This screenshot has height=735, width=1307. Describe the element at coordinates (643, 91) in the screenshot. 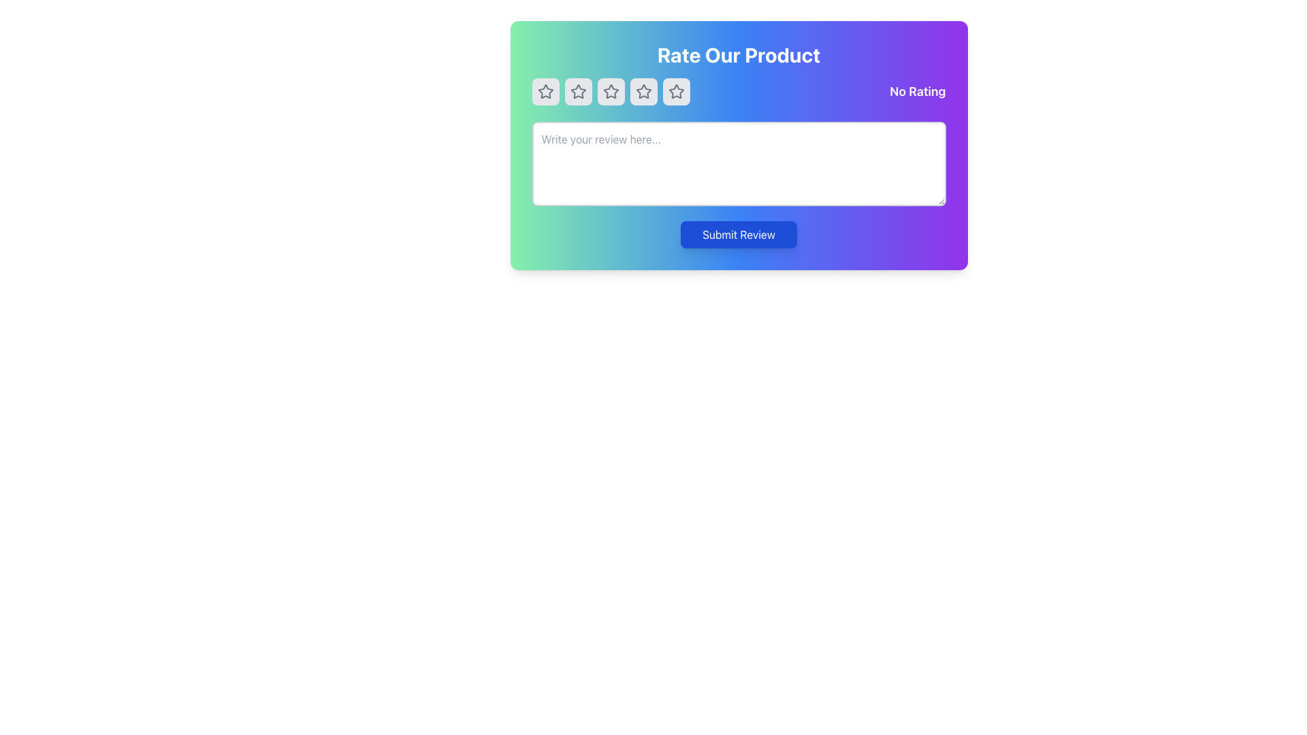

I see `the third star icon in the row of five stars` at that location.